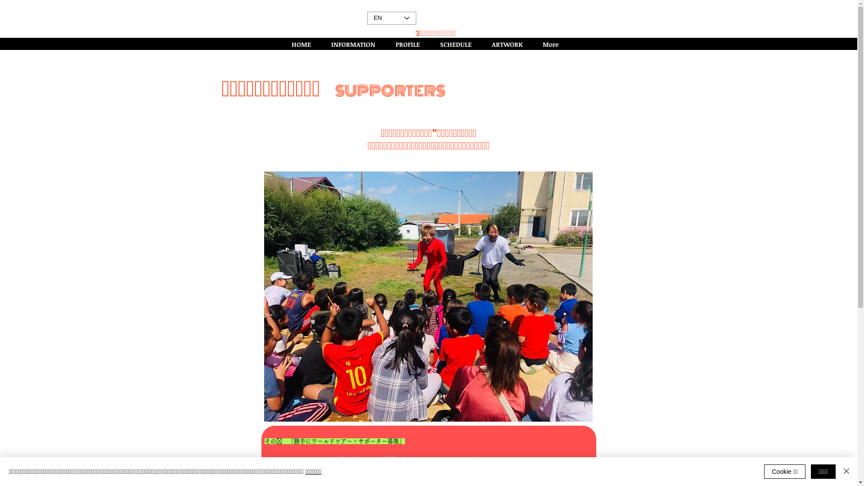  I want to click on 'PROFILE', so click(410, 44).